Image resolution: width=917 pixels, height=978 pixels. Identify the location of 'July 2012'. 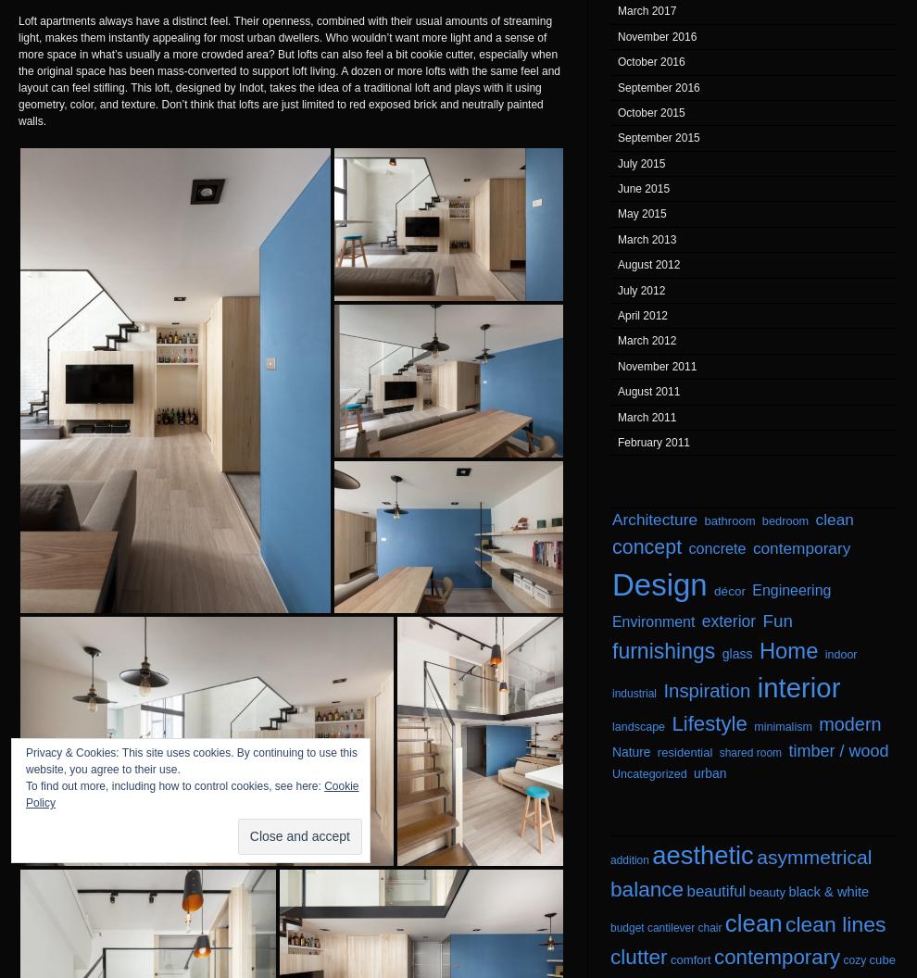
(641, 289).